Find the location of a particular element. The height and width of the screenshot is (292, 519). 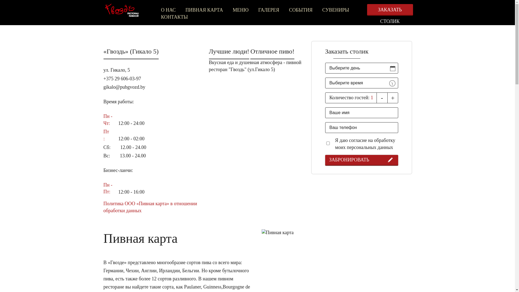

'gikalo@pubgvozd.by' is located at coordinates (124, 87).